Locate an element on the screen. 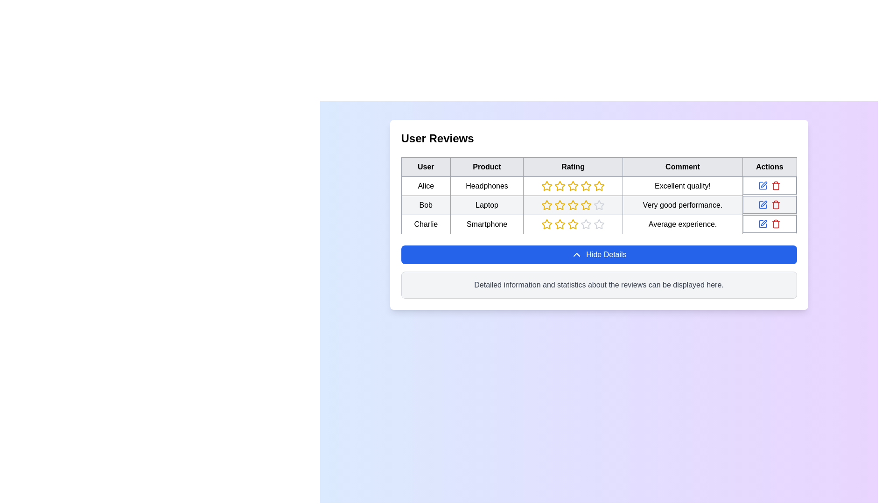 Image resolution: width=896 pixels, height=504 pixels. the third rating star icon in the rating row for user 'Bob' is located at coordinates (546, 204).